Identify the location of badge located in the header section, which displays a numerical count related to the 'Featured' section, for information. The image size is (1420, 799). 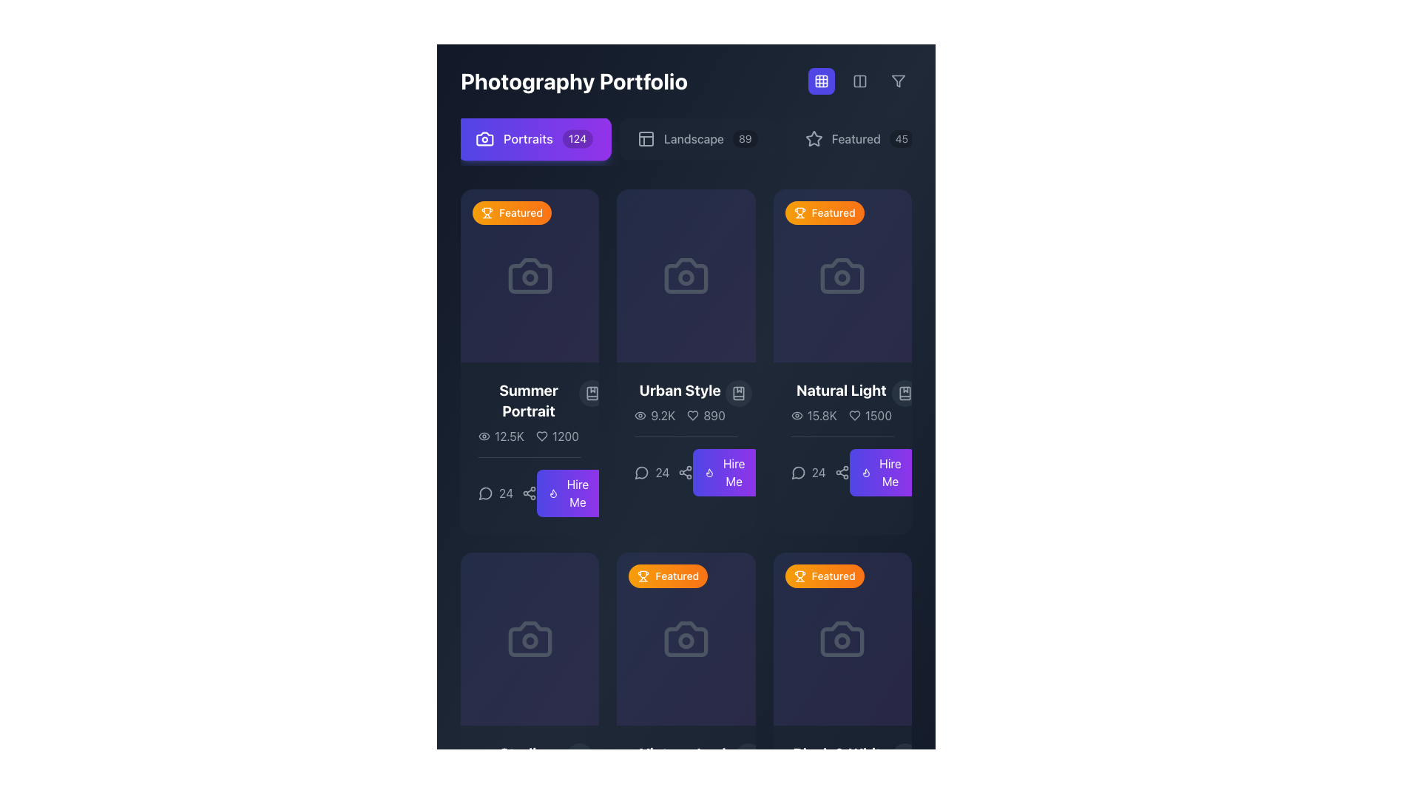
(901, 139).